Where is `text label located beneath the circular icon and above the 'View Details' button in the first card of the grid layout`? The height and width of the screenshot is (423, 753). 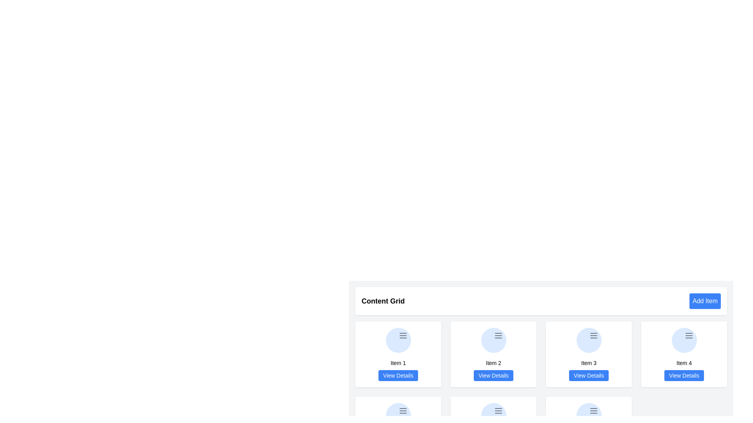
text label located beneath the circular icon and above the 'View Details' button in the first card of the grid layout is located at coordinates (398, 363).